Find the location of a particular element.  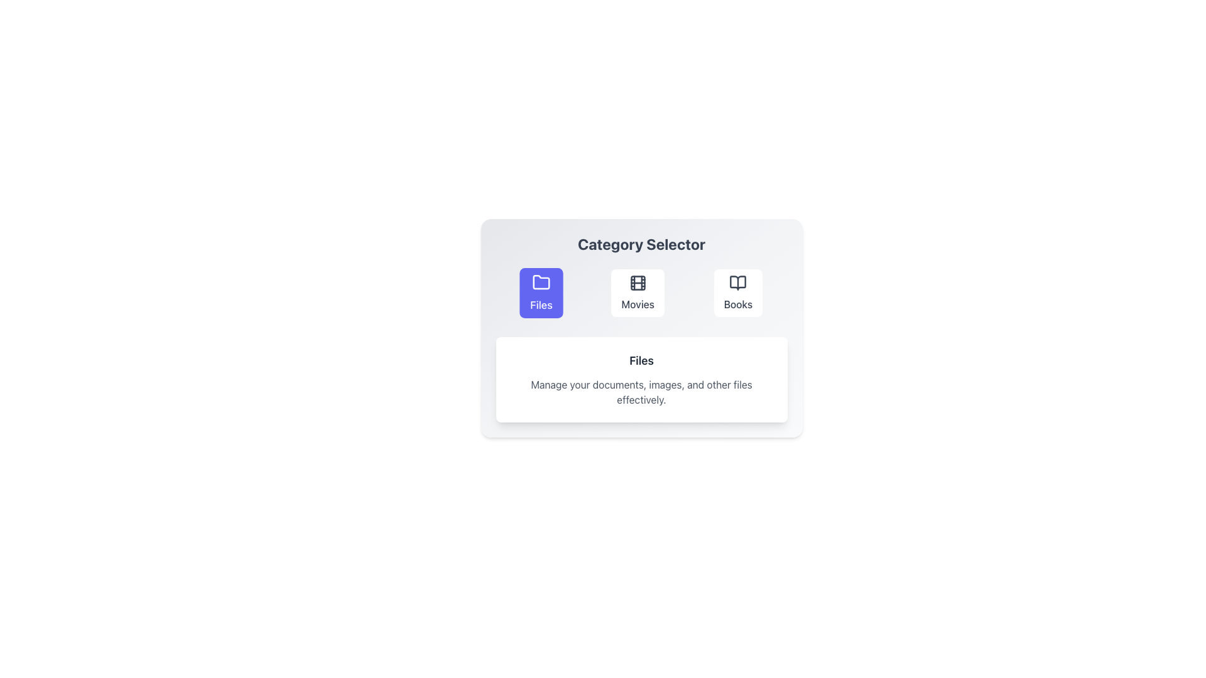

the 'Movies' category card, which is the second card in a group of three categories is located at coordinates (641, 293).